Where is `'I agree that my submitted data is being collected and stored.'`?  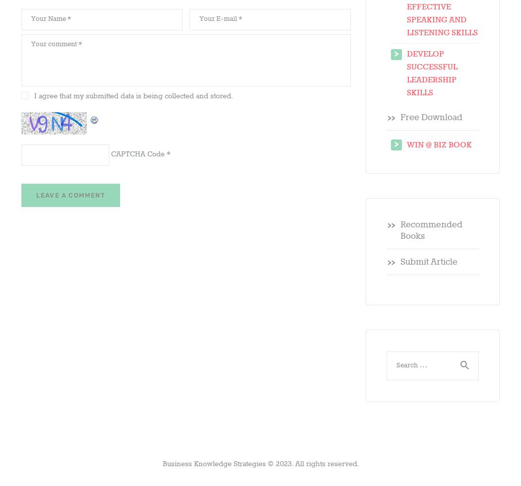
'I agree that my submitted data is being collected and stored.' is located at coordinates (132, 96).